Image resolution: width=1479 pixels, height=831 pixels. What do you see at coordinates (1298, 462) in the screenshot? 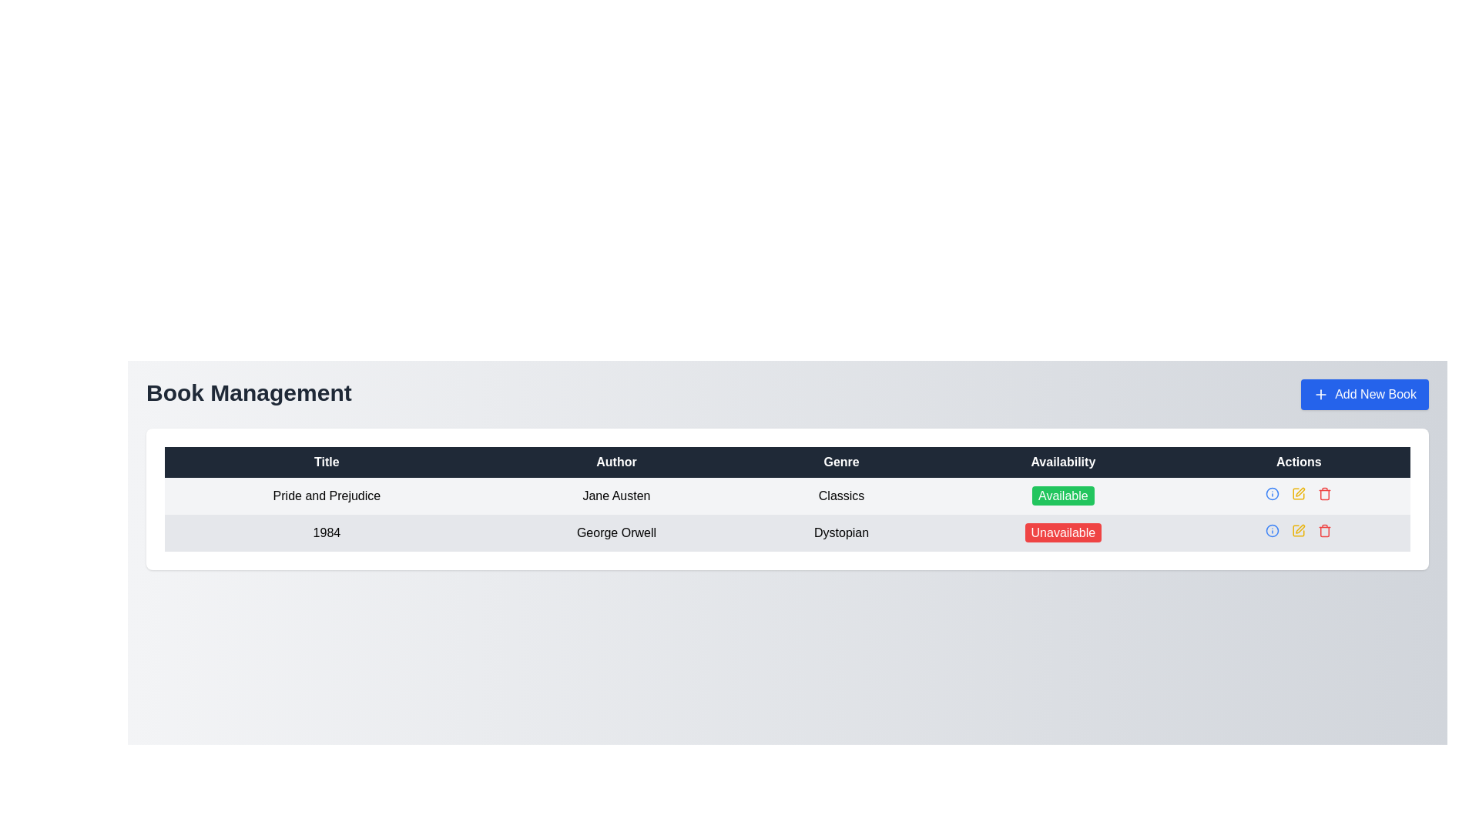
I see `the table header cell dedicated to actions related to book entries, located in the last column of the header row, following the 'Availability' column` at bounding box center [1298, 462].